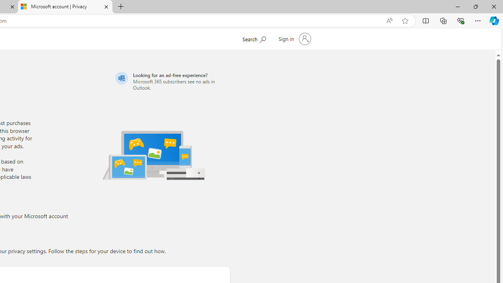 The height and width of the screenshot is (283, 503). I want to click on 'Restore', so click(475, 6).